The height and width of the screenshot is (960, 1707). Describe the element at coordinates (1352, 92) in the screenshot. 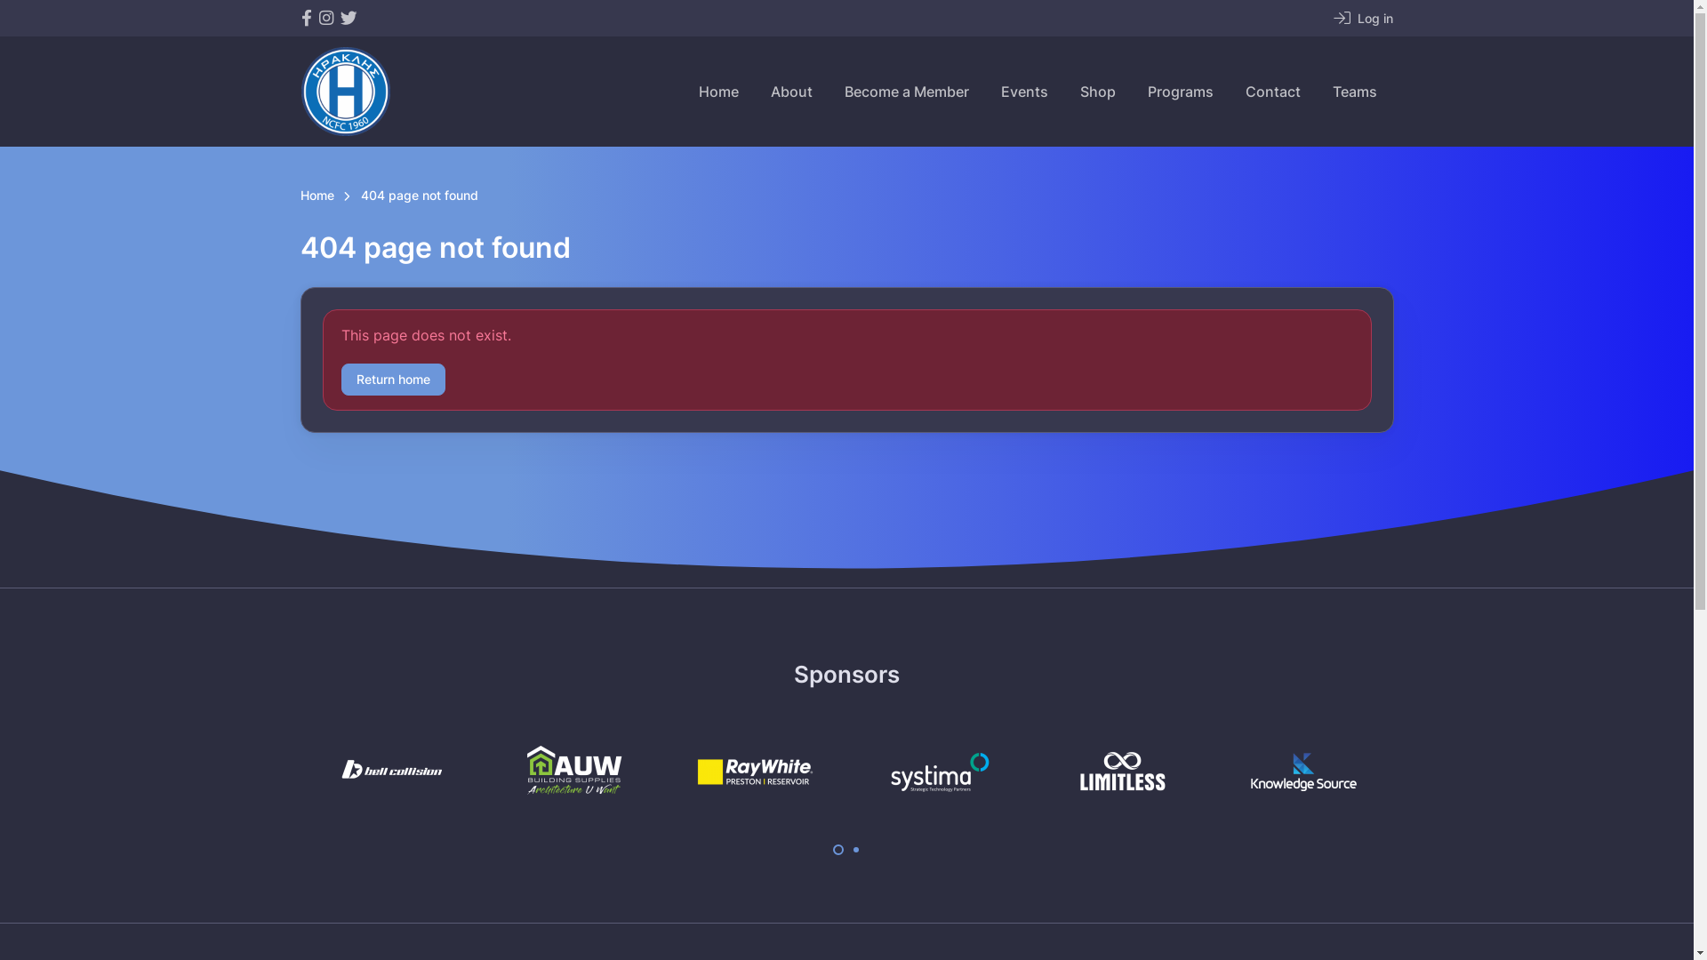

I see `'Teams'` at that location.